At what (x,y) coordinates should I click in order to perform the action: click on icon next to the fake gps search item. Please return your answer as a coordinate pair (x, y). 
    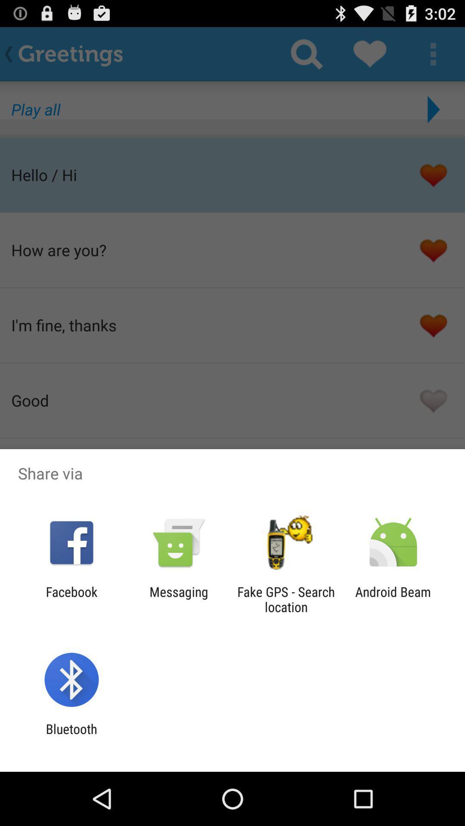
    Looking at the image, I should click on (393, 599).